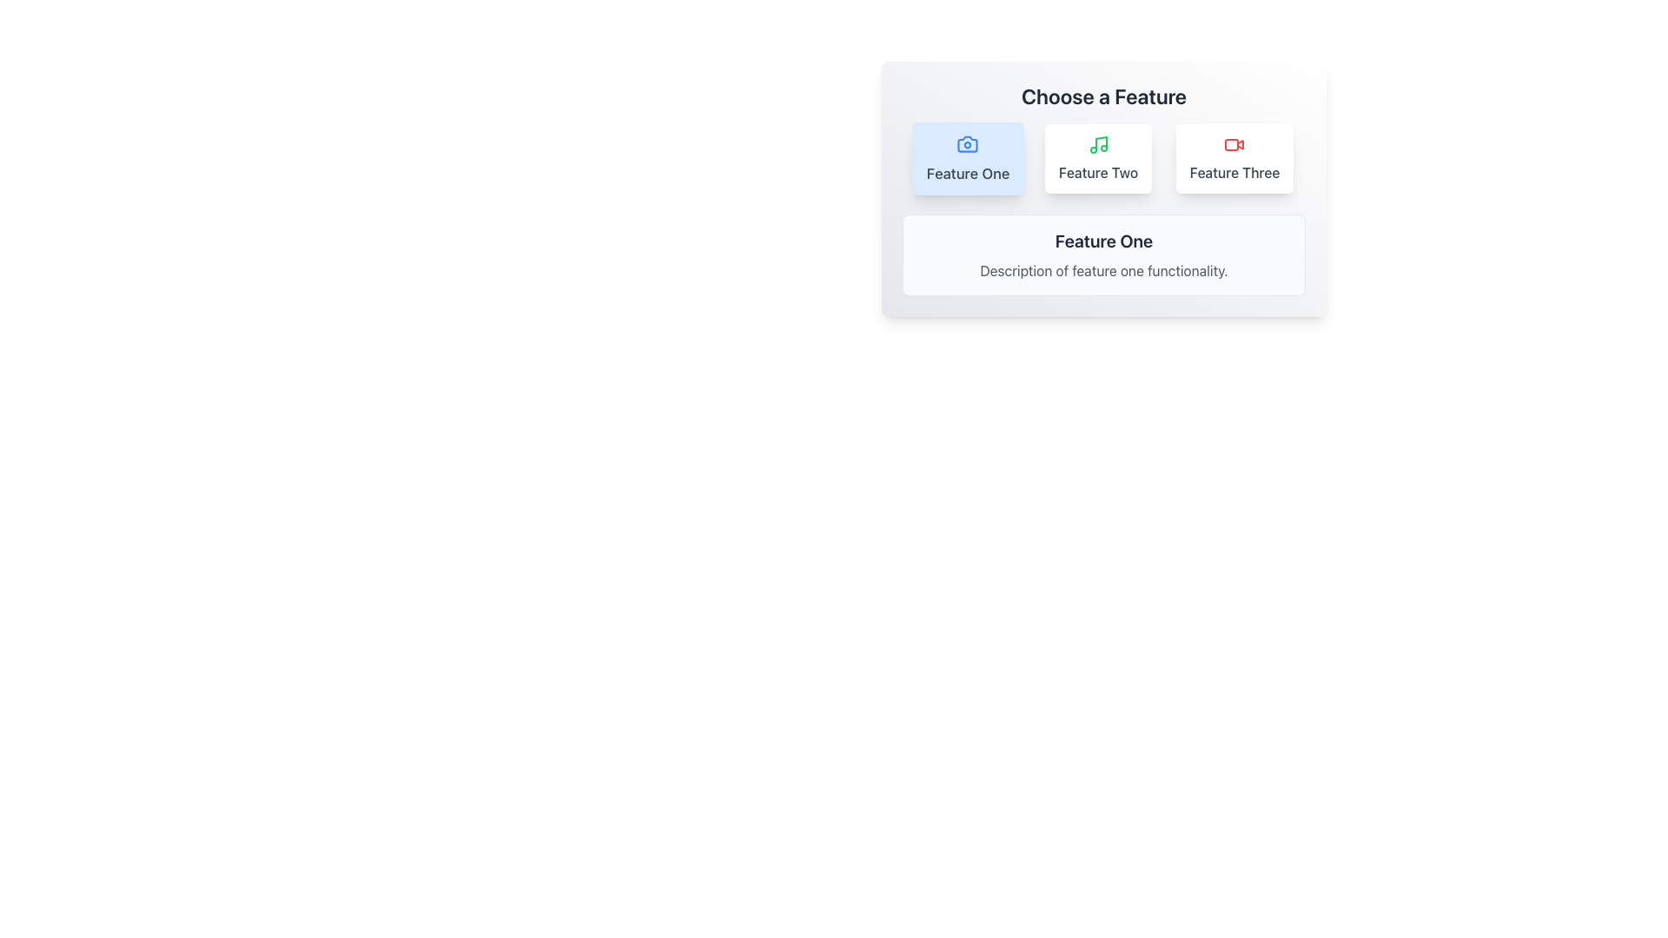 The width and height of the screenshot is (1668, 938). Describe the element at coordinates (1103, 241) in the screenshot. I see `the title text element that serves as a heading for the descriptive content about 'Feature One', located at the center of the rectangular bordered area` at that location.